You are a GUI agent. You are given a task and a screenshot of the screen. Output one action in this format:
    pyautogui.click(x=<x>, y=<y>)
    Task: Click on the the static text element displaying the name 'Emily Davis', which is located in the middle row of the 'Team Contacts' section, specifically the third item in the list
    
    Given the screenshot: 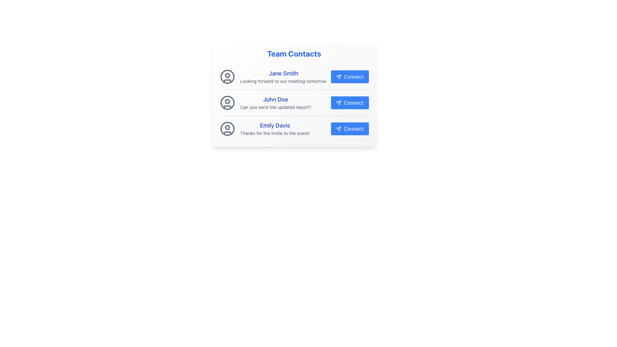 What is the action you would take?
    pyautogui.click(x=275, y=125)
    